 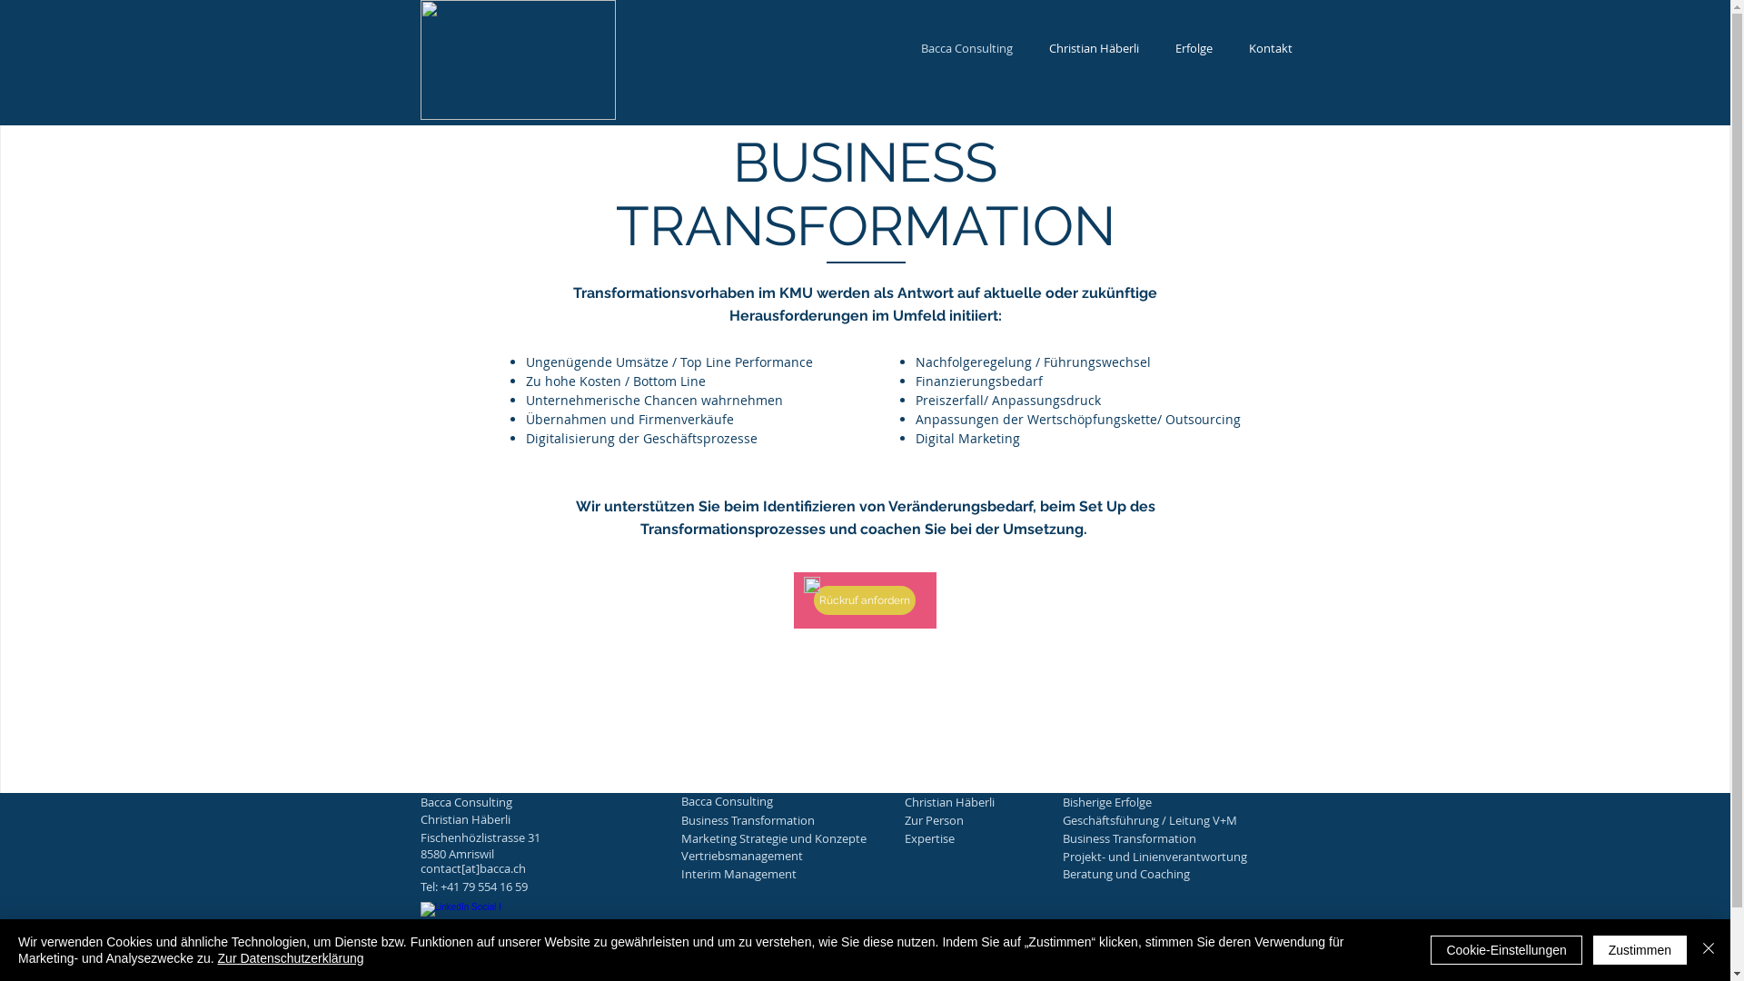 What do you see at coordinates (905, 819) in the screenshot?
I see `'Zur Person'` at bounding box center [905, 819].